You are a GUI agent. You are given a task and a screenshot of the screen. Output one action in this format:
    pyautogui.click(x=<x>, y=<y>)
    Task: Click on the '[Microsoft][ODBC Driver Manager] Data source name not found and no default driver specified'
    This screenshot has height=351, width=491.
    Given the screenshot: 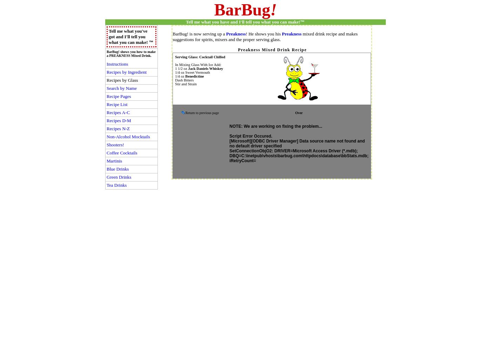 What is the action you would take?
    pyautogui.click(x=297, y=144)
    